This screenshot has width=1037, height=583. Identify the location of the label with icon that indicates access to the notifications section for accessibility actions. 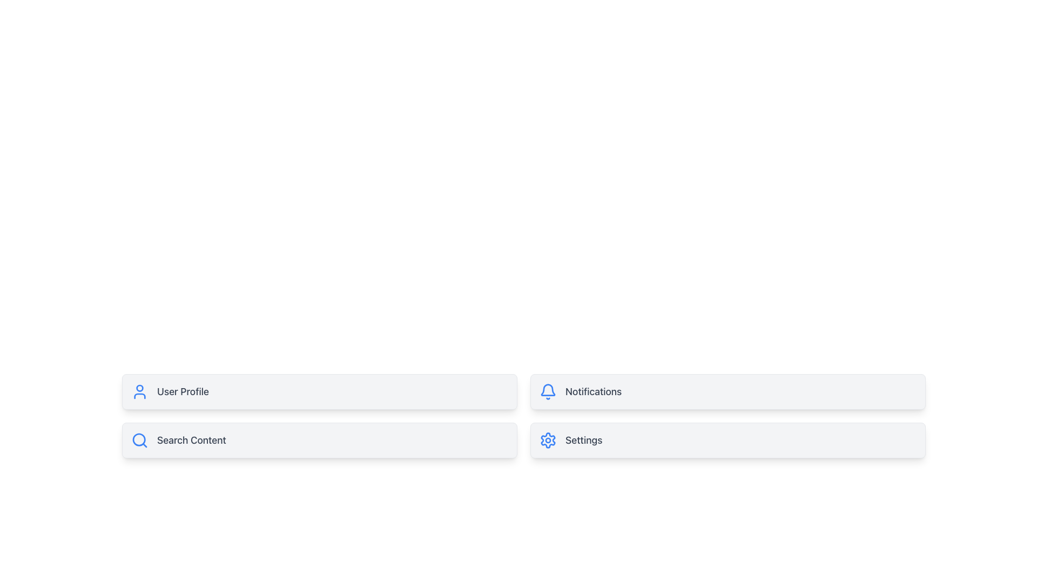
(728, 391).